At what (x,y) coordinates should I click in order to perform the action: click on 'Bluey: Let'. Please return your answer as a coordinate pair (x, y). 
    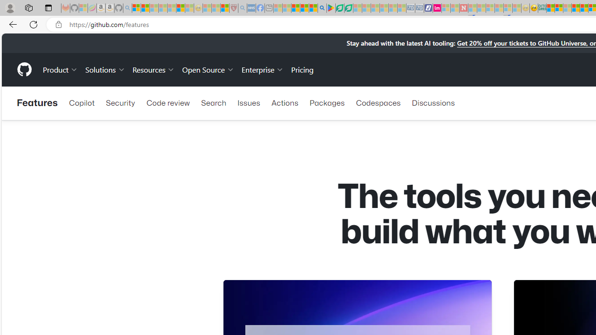
    Looking at the image, I should click on (331, 8).